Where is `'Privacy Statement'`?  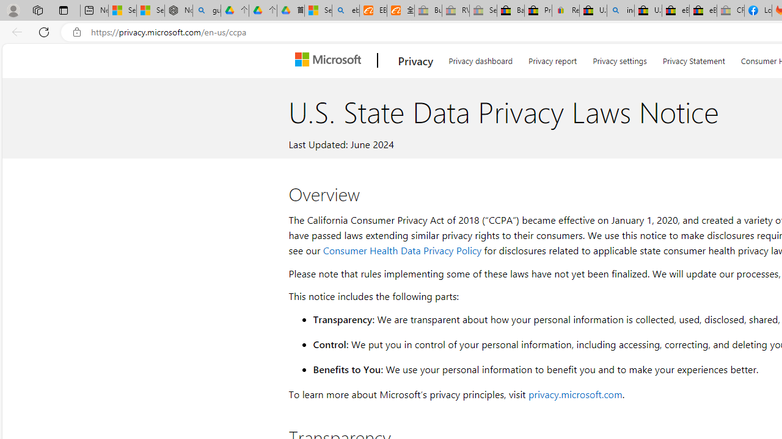 'Privacy Statement' is located at coordinates (693, 59).